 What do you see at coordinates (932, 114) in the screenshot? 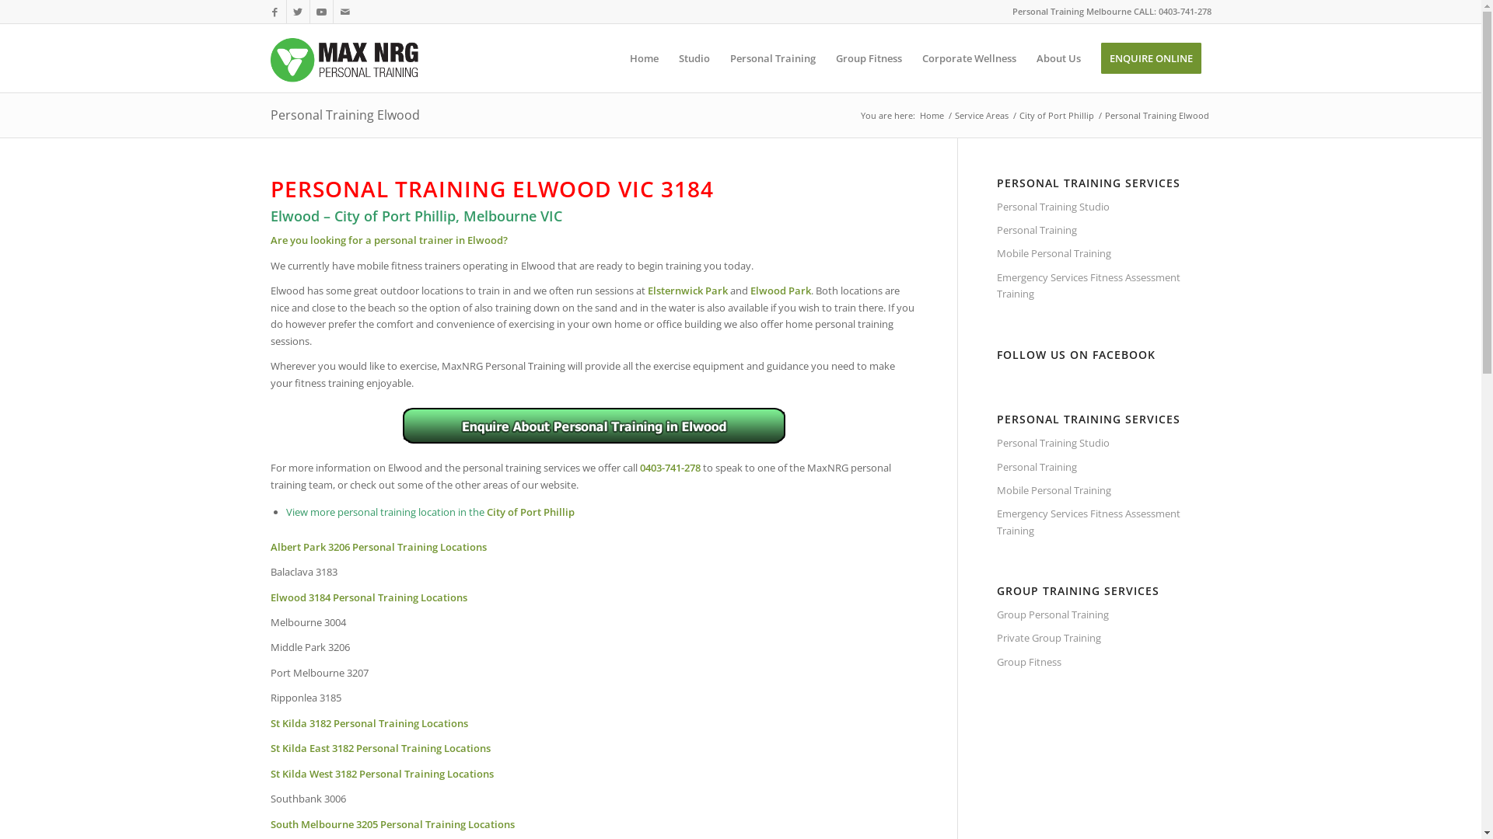
I see `'Home'` at bounding box center [932, 114].